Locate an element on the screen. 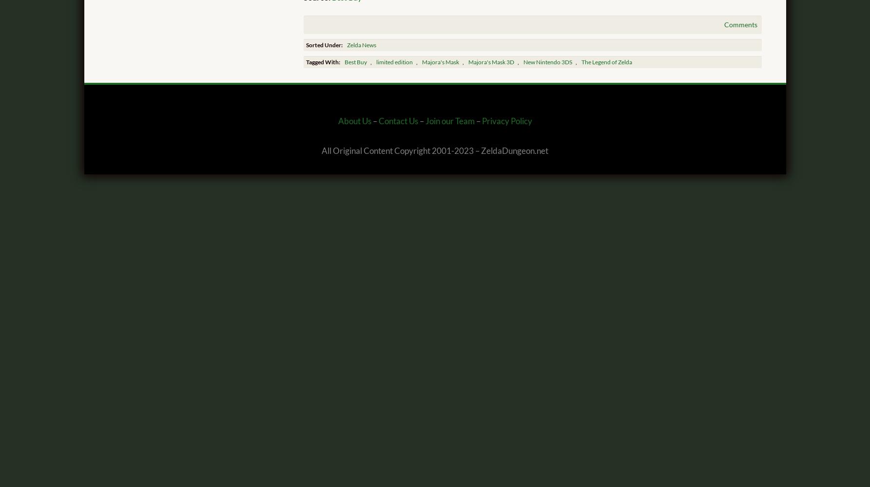 The width and height of the screenshot is (870, 487). 'limited edition' is located at coordinates (394, 62).